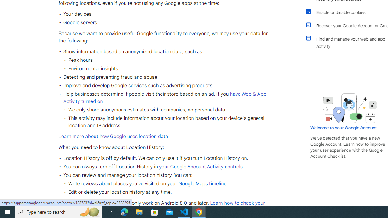 This screenshot has height=218, width=388. Describe the element at coordinates (344, 127) in the screenshot. I see `'Welcome to your Google Account'` at that location.